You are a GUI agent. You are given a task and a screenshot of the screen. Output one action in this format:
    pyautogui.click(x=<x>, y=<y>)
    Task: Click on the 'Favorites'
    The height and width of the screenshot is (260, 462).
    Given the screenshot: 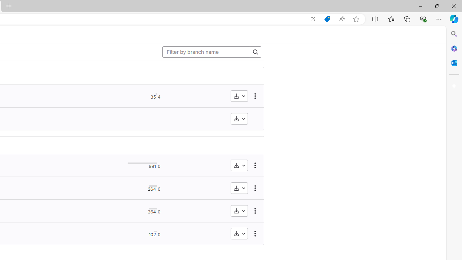 What is the action you would take?
    pyautogui.click(x=391, y=18)
    